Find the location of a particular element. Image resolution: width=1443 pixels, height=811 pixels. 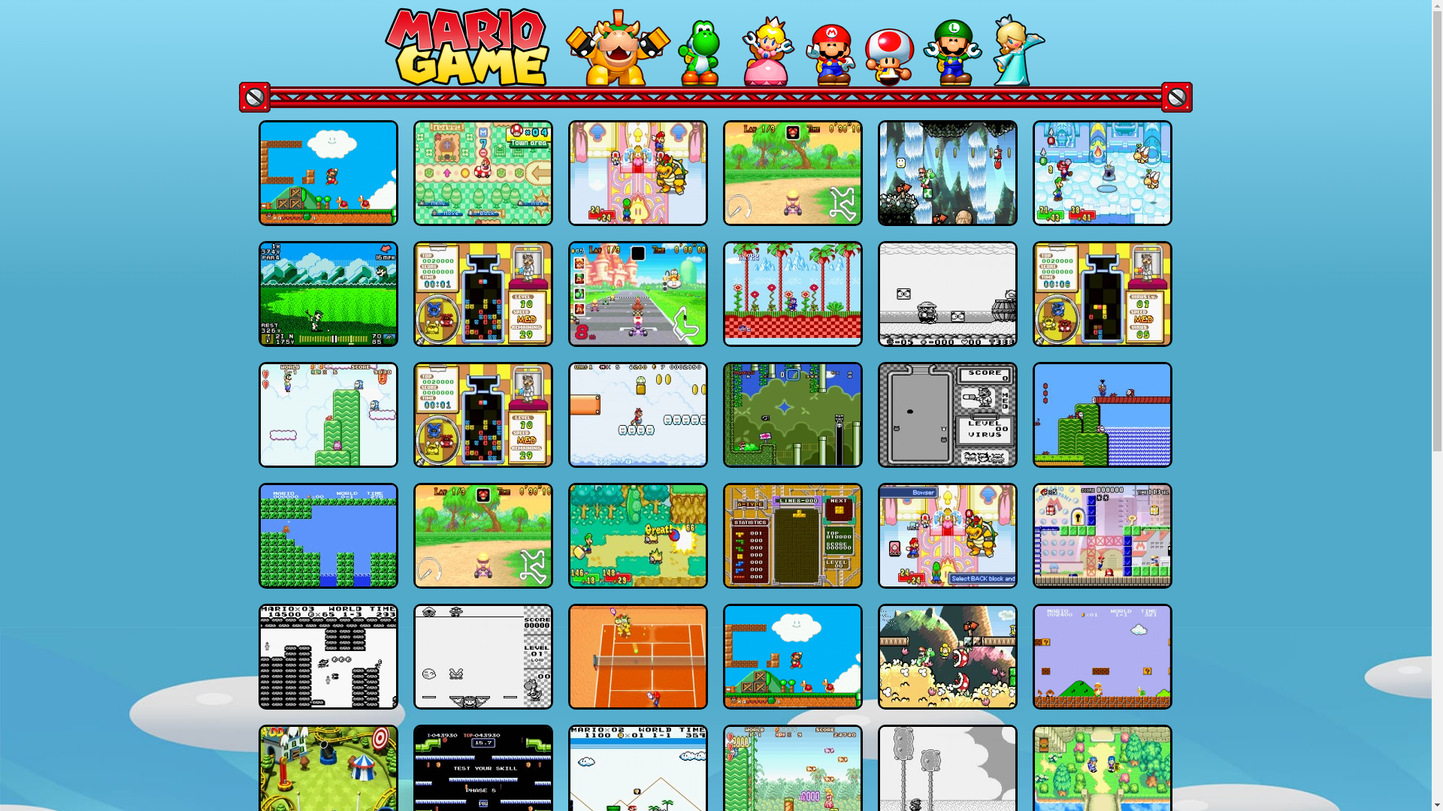

'Mario Kart Advance' is located at coordinates (792, 170).